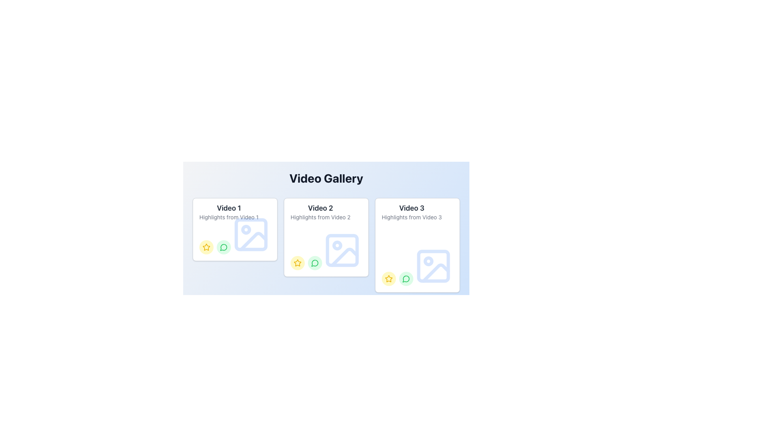  I want to click on the circular green button located in the bottom-left area of the 'Video 1' card, so click(223, 348).